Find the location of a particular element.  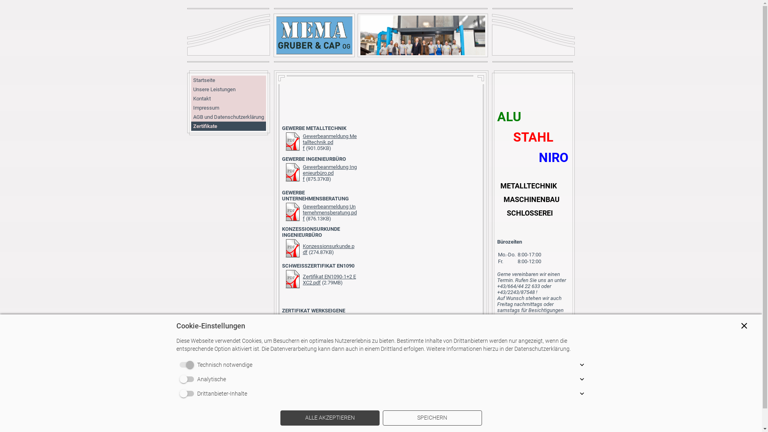

'ALLE AKZEPTIEREN' is located at coordinates (330, 418).